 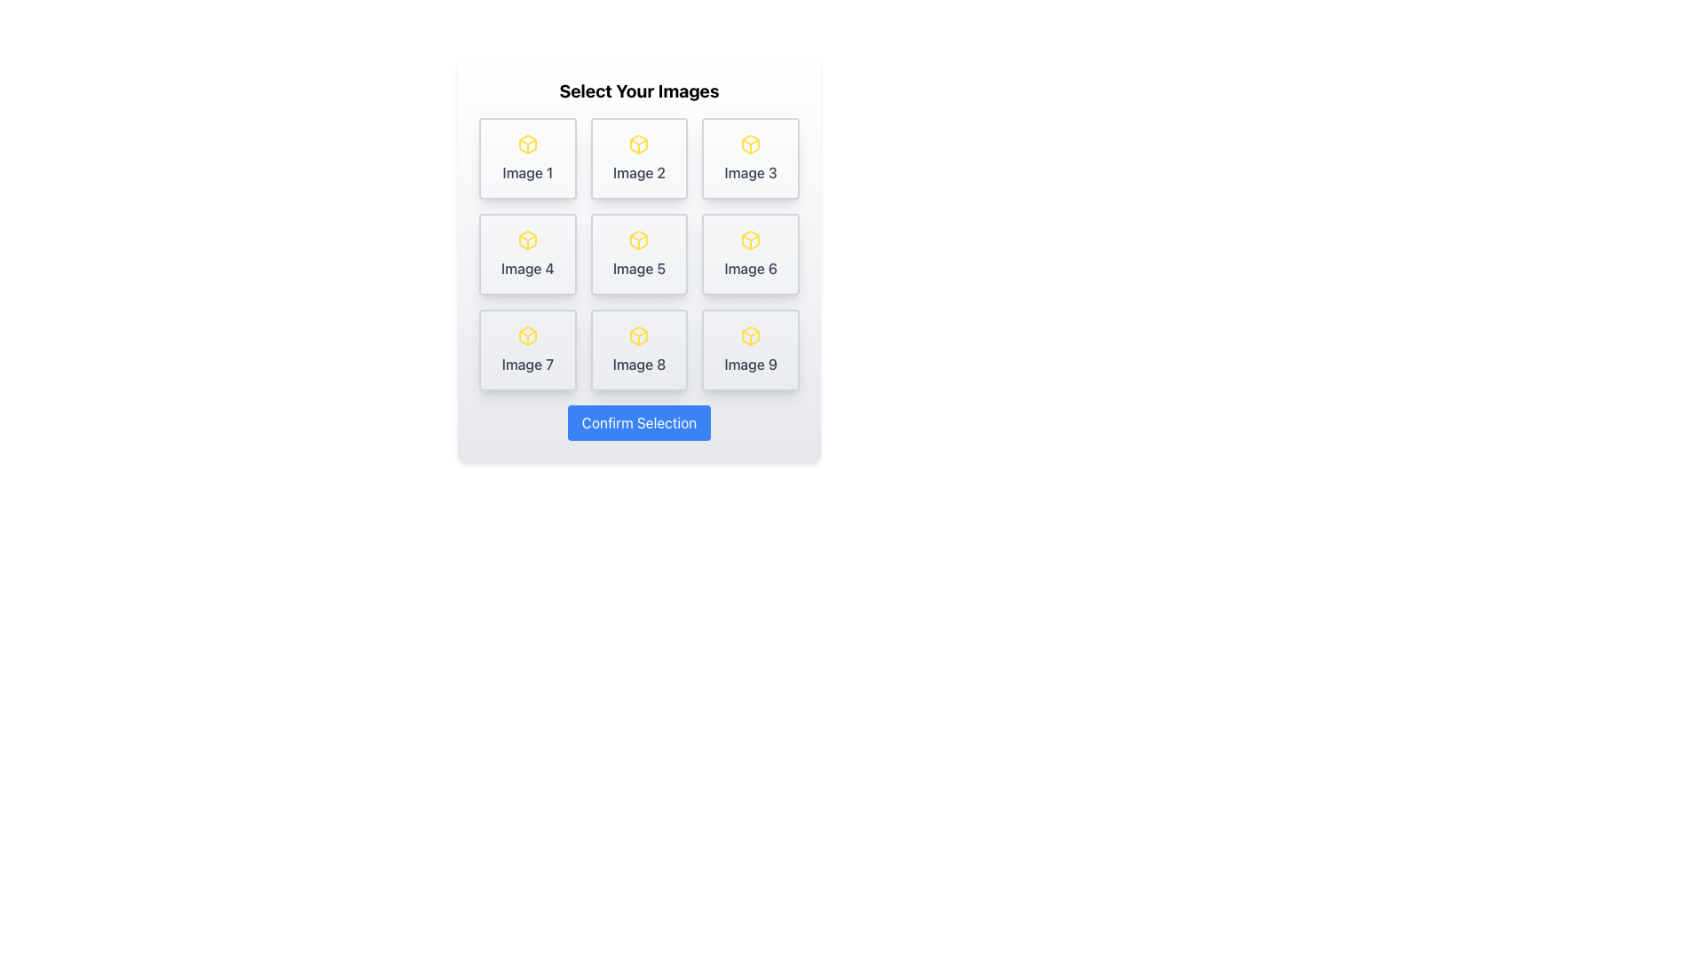 I want to click on the text label 'Image 9' located in the bottom-right corner of the grid structure, which displays a gray-colored text beneath an illustrative box icon, so click(x=751, y=364).